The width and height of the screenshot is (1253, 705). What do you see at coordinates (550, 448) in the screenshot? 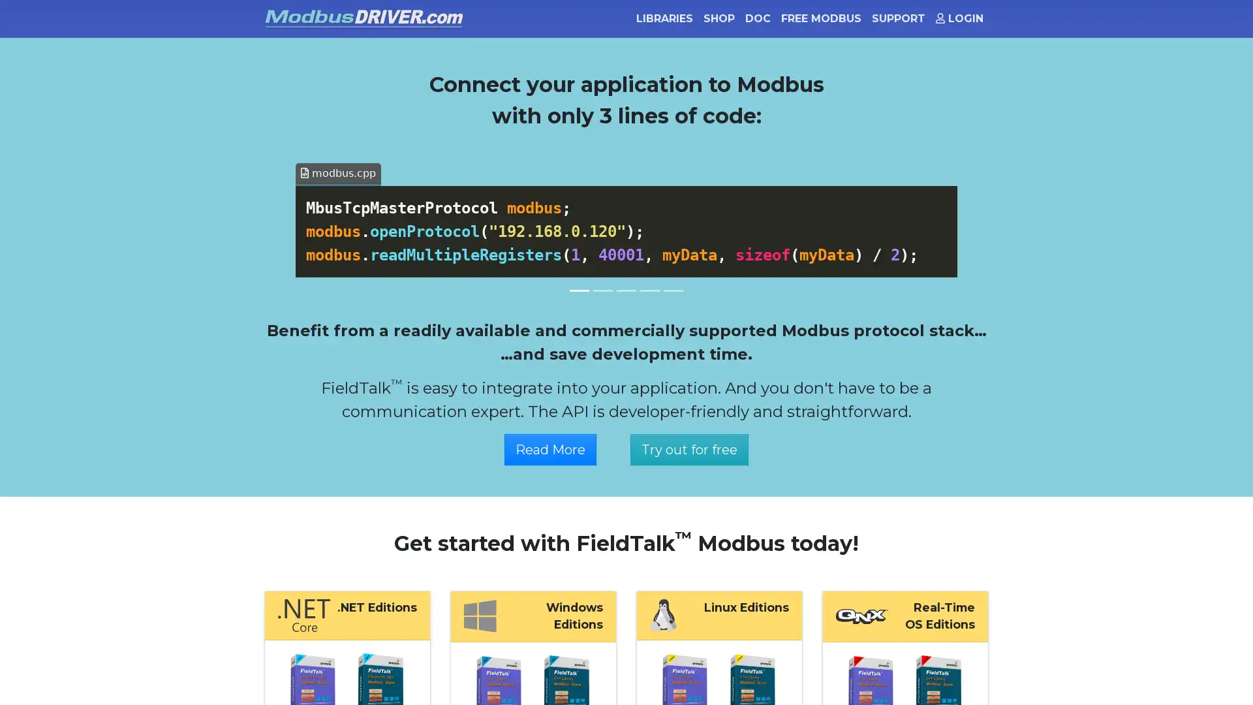
I see `Read More` at bounding box center [550, 448].